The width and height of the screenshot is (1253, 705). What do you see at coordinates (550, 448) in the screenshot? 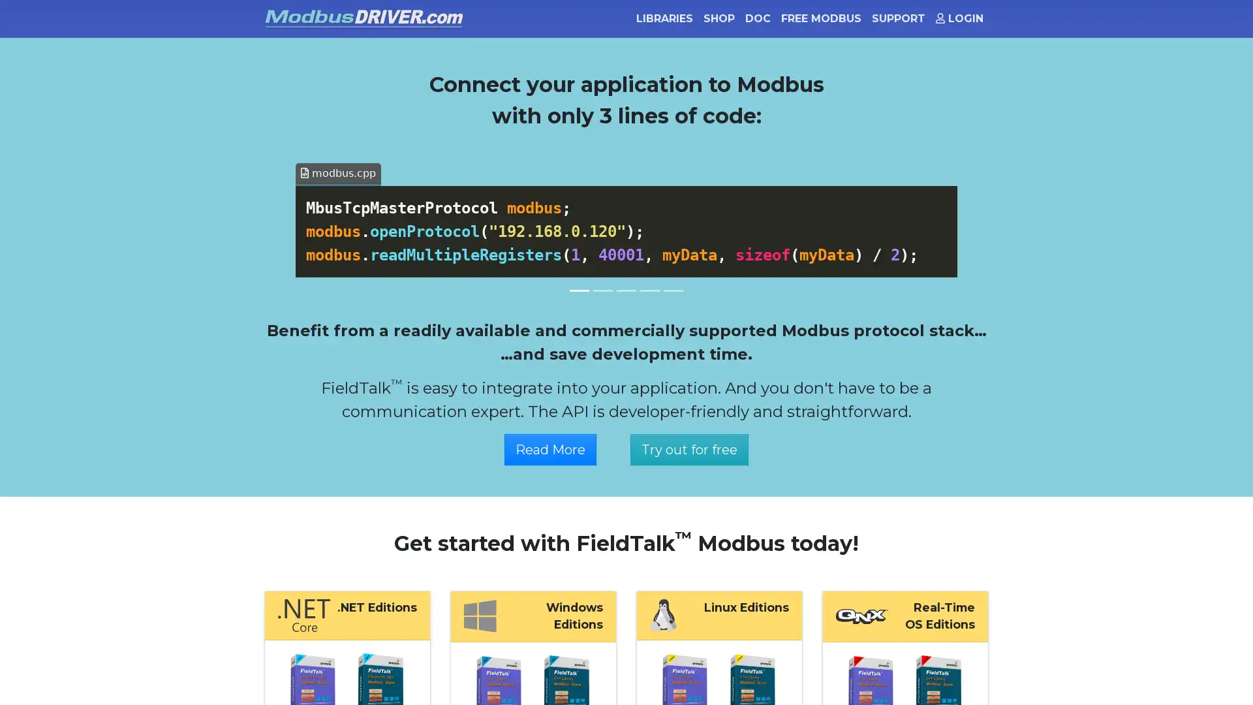
I see `Read More` at bounding box center [550, 448].